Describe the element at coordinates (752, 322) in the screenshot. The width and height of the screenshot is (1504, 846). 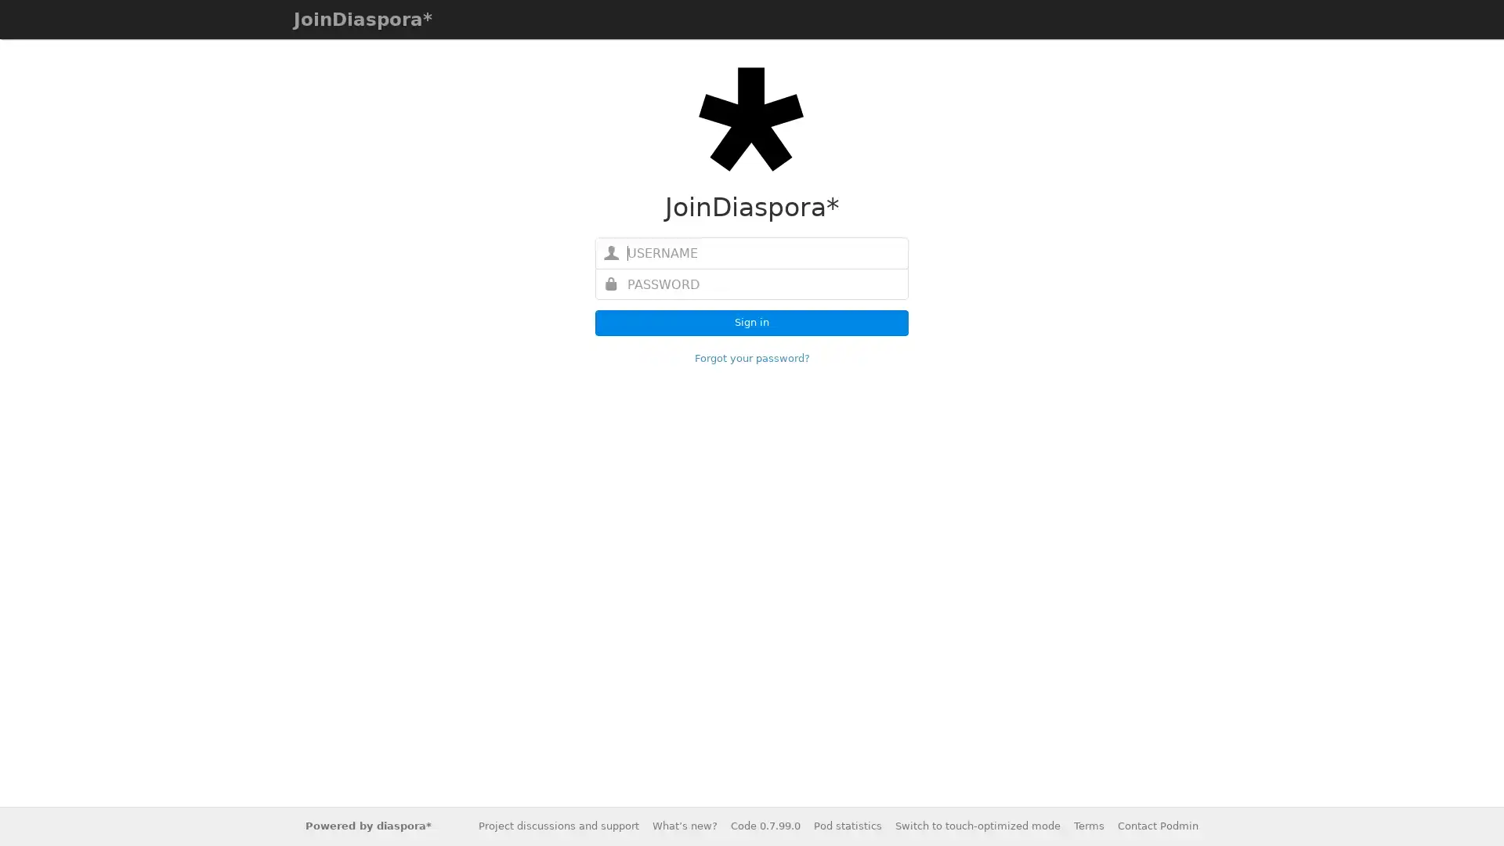
I see `Sign in` at that location.